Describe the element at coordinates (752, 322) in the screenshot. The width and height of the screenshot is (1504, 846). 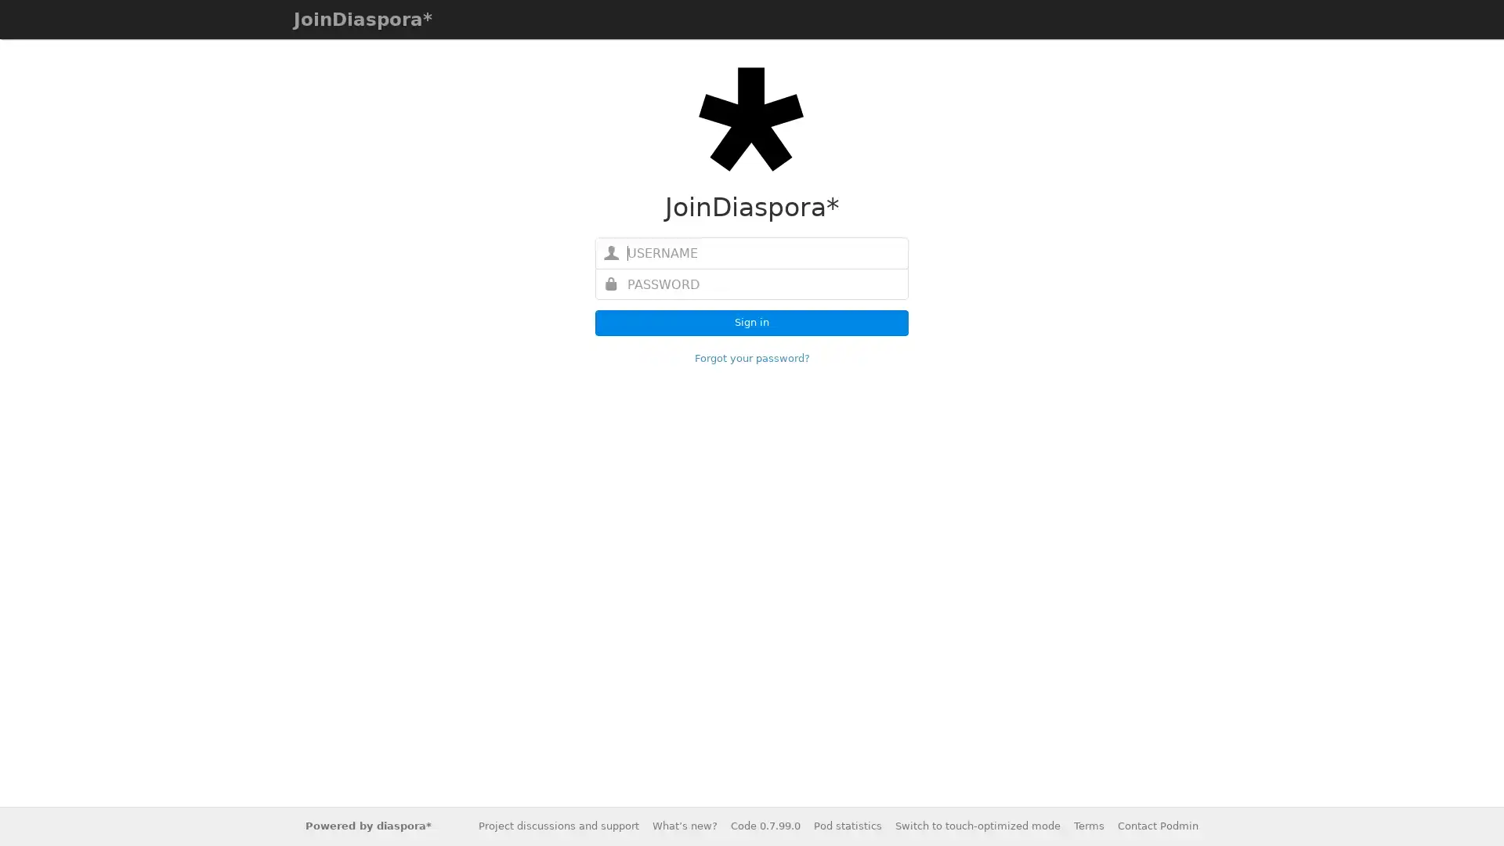
I see `Sign in` at that location.